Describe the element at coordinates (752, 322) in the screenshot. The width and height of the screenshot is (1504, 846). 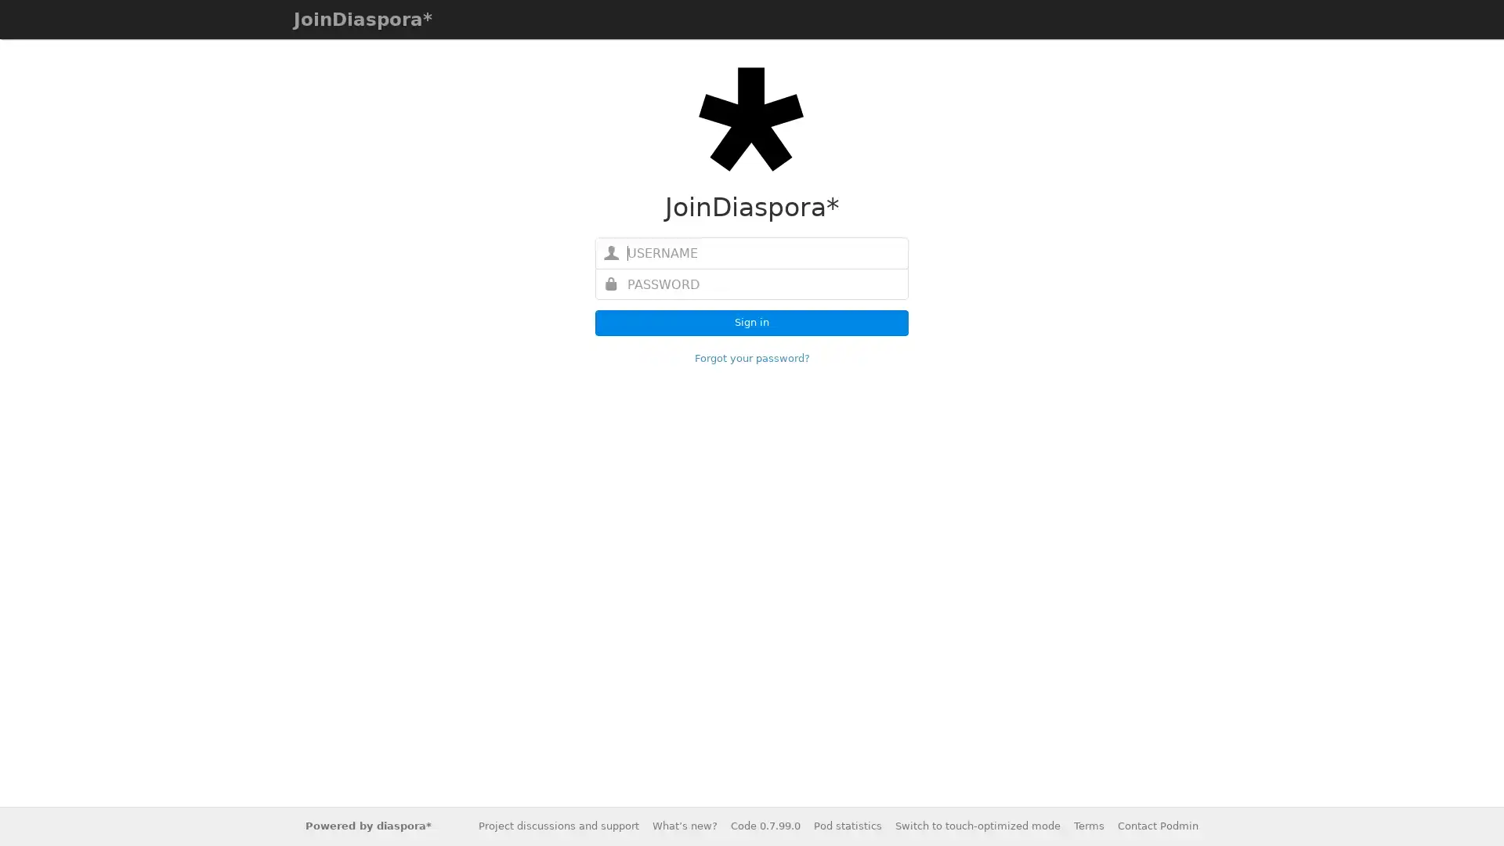
I see `Sign in` at that location.